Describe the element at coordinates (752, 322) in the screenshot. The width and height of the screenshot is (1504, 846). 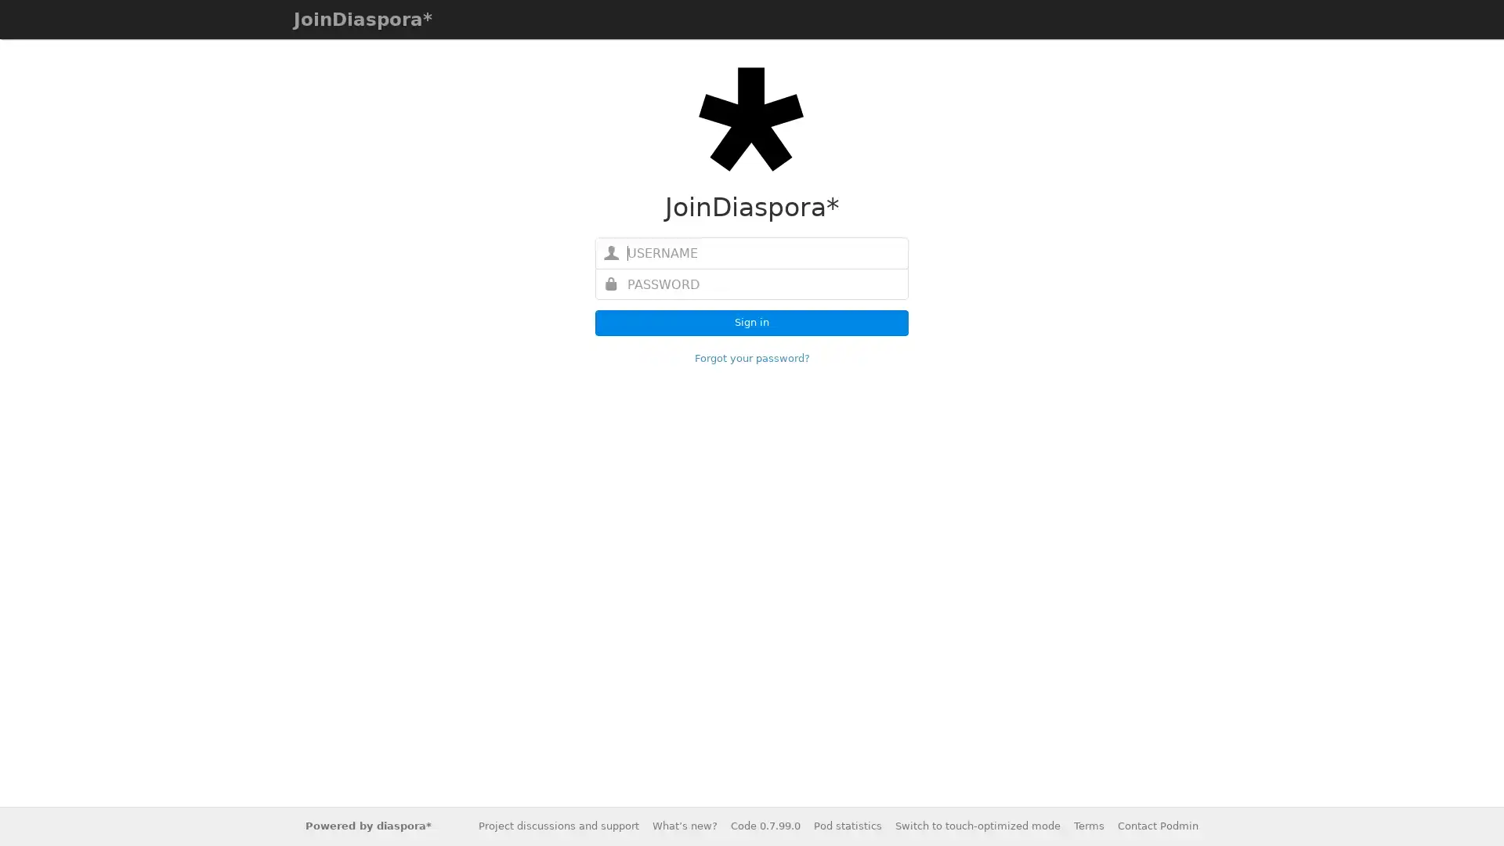
I see `Sign in` at that location.